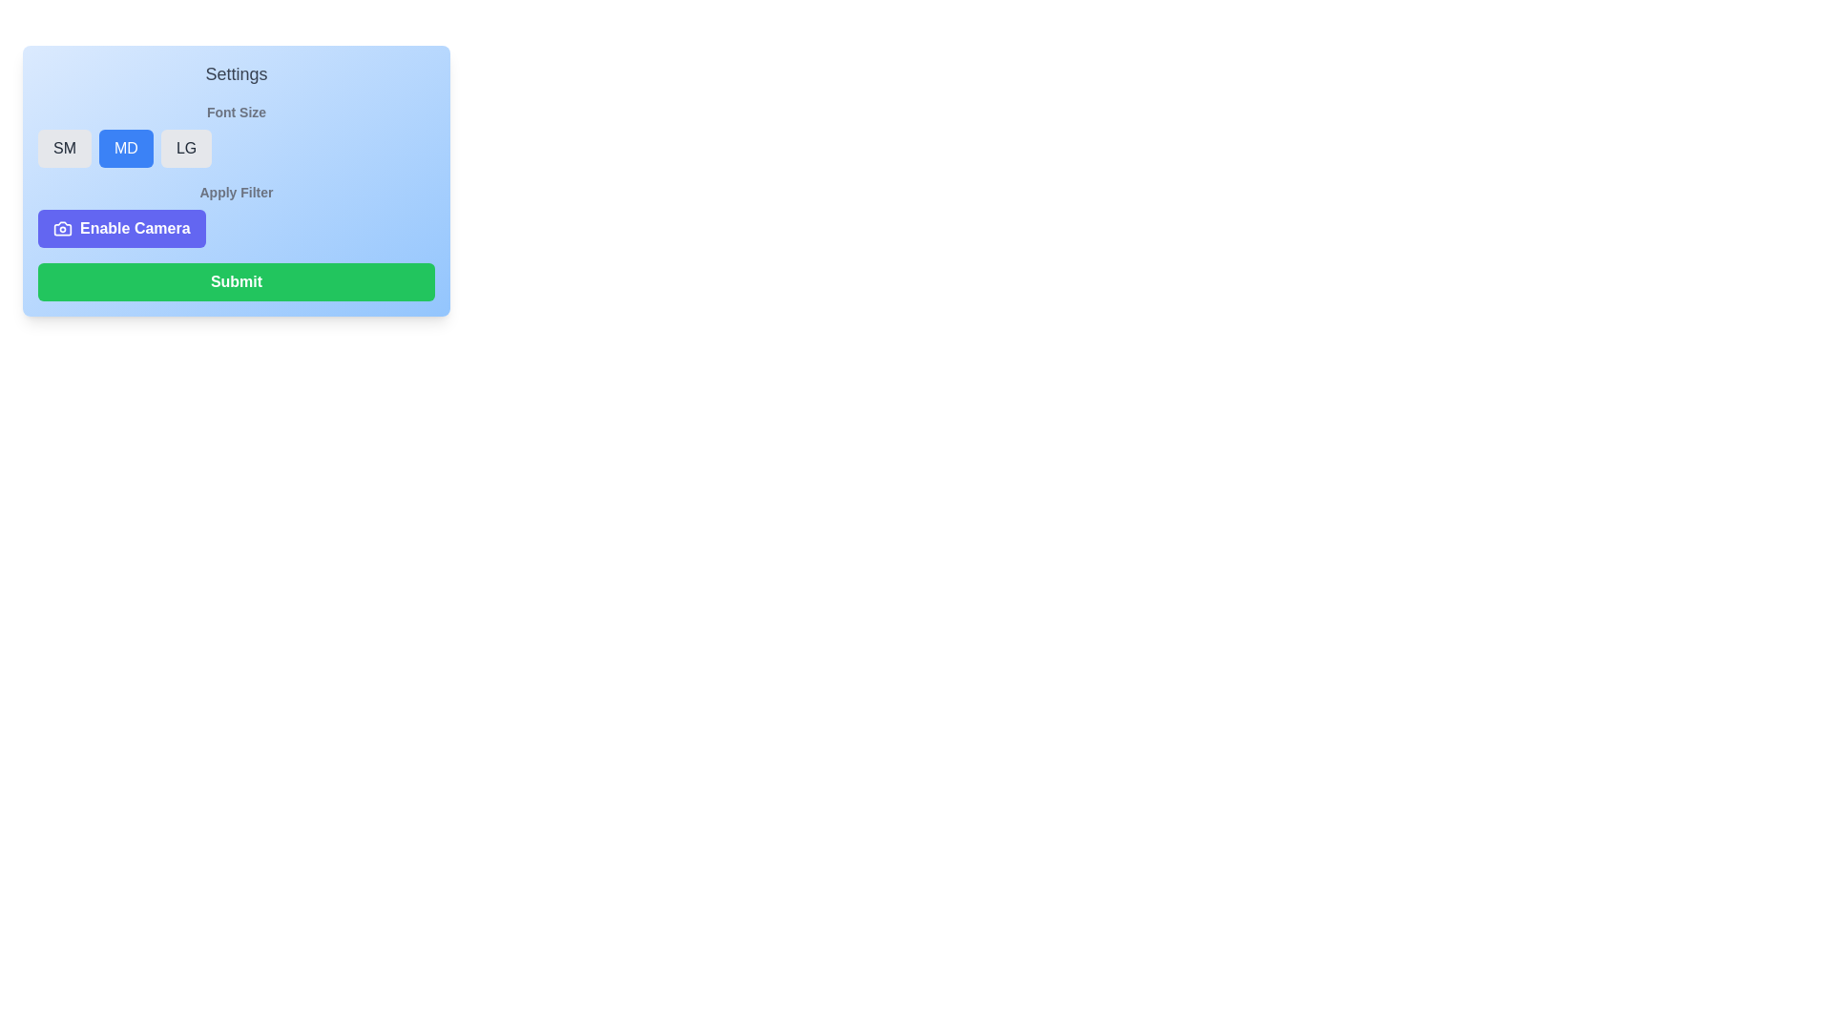  Describe the element at coordinates (236, 134) in the screenshot. I see `the 'Font Size' button group which contains the buttons 'SM', 'MD', and 'LG'` at that location.